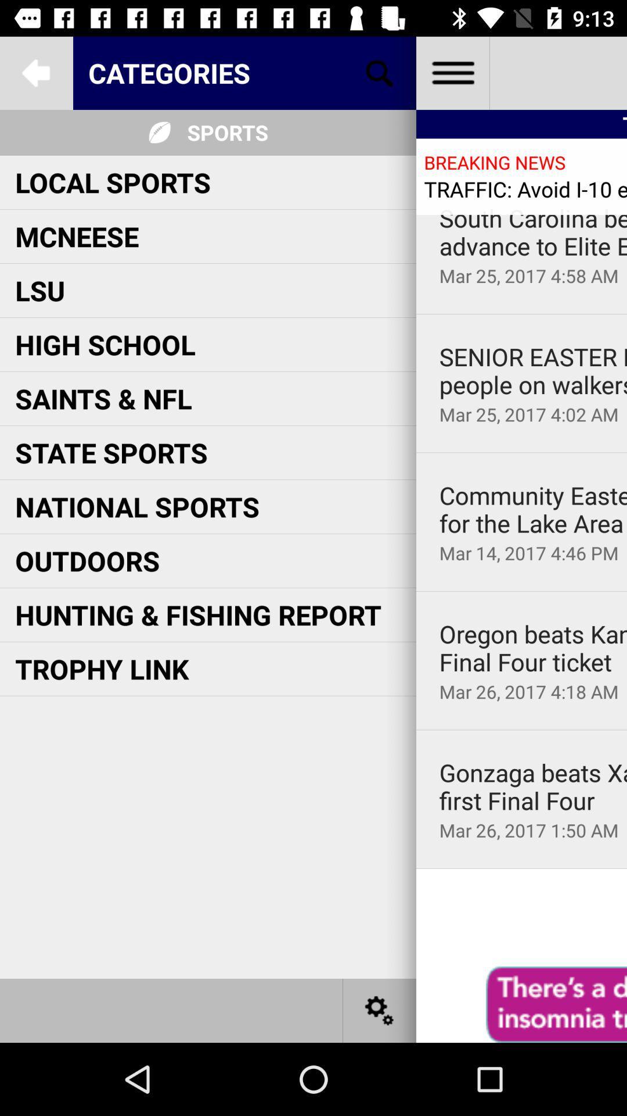 This screenshot has height=1116, width=627. What do you see at coordinates (380, 72) in the screenshot?
I see `the search icon` at bounding box center [380, 72].